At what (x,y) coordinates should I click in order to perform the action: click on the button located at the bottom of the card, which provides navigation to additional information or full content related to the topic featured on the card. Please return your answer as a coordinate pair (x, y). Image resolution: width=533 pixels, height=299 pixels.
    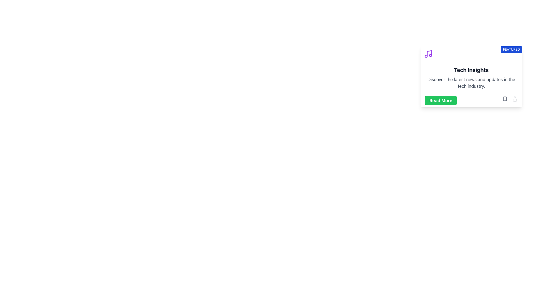
    Looking at the image, I should click on (441, 100).